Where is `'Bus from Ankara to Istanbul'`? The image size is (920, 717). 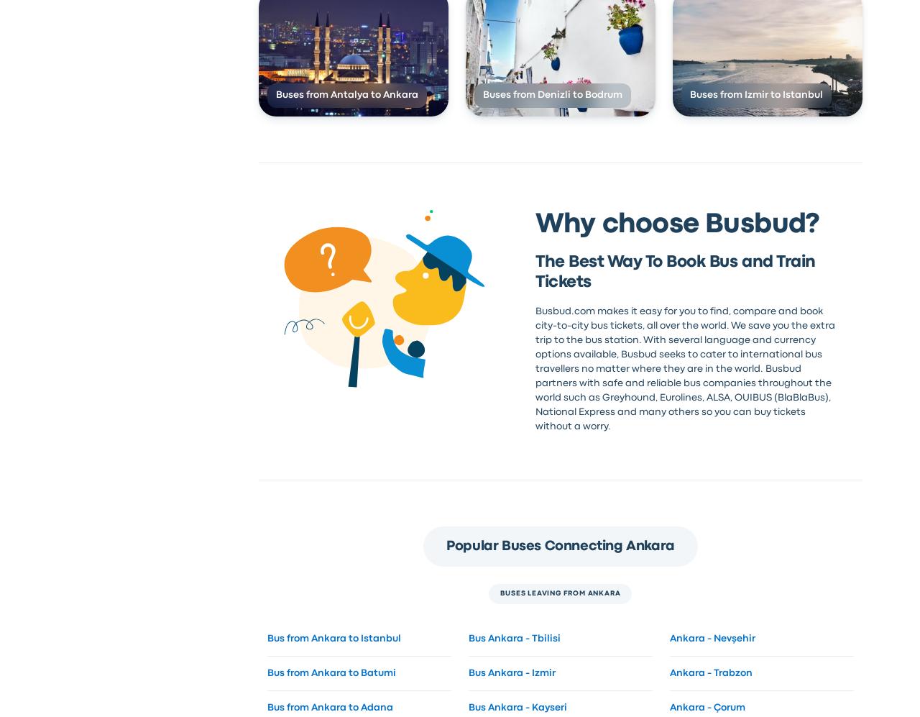
'Bus from Ankara to Istanbul' is located at coordinates (333, 637).